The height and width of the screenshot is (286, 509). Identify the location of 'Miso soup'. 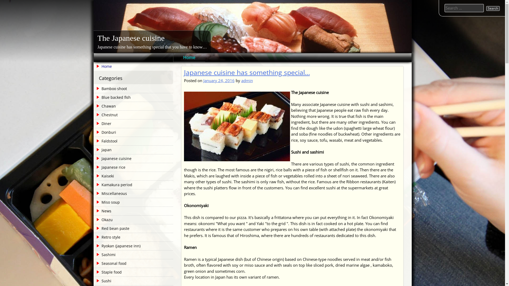
(107, 202).